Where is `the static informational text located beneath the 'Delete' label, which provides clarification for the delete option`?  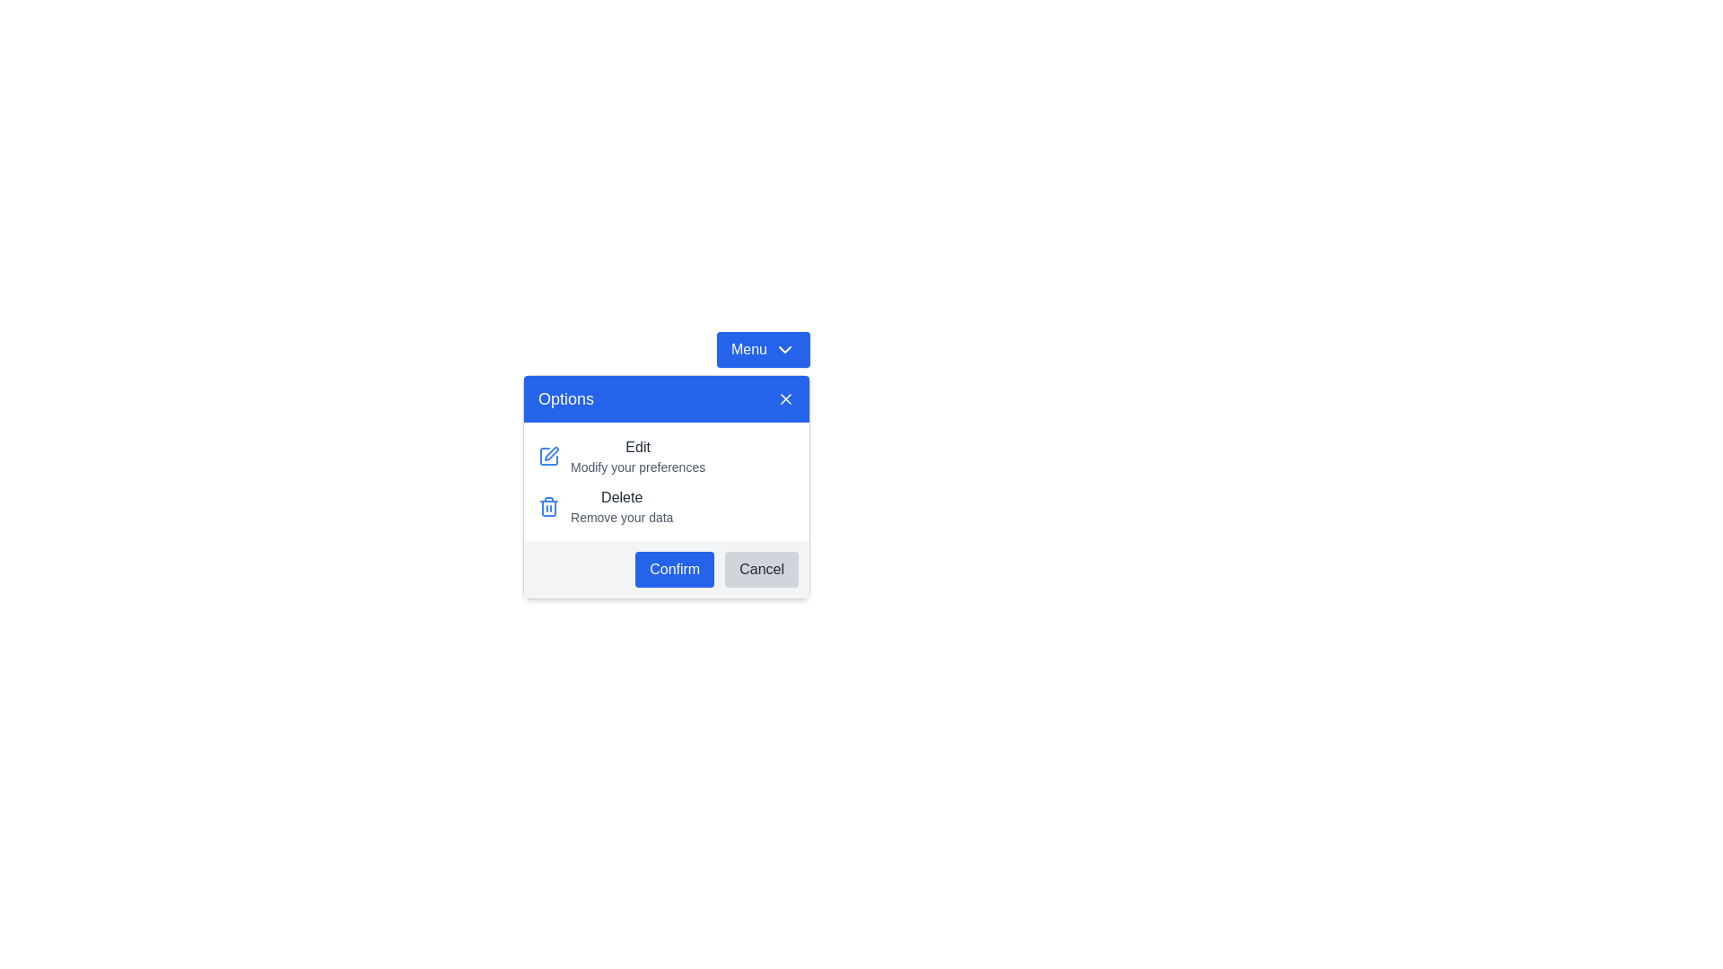 the static informational text located beneath the 'Delete' label, which provides clarification for the delete option is located at coordinates (622, 518).